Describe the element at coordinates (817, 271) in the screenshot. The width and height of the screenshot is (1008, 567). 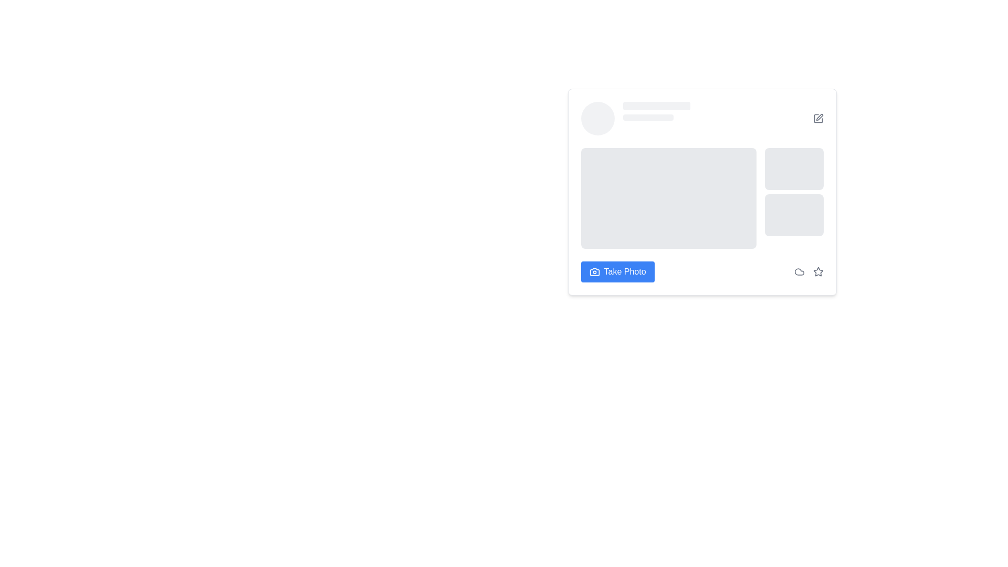
I see `the star button, which is a gray-filled five-point star icon located at the bottom-right corner of the interface` at that location.